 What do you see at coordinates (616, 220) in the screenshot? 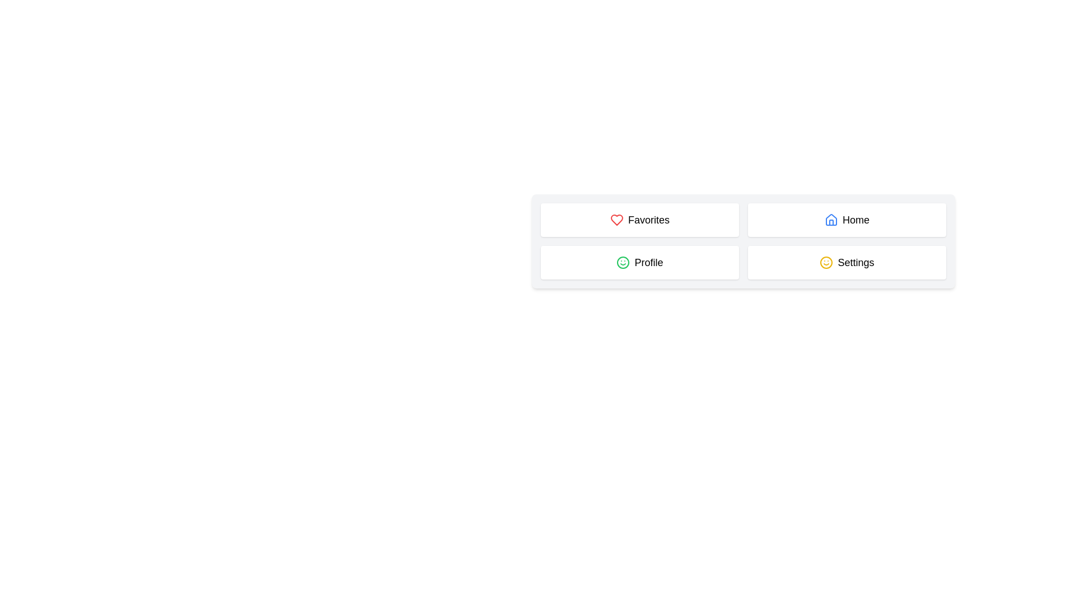
I see `the red outlined heart icon representing the 'Favorites' feature, located adjacent to the 'Favorites' label` at bounding box center [616, 220].